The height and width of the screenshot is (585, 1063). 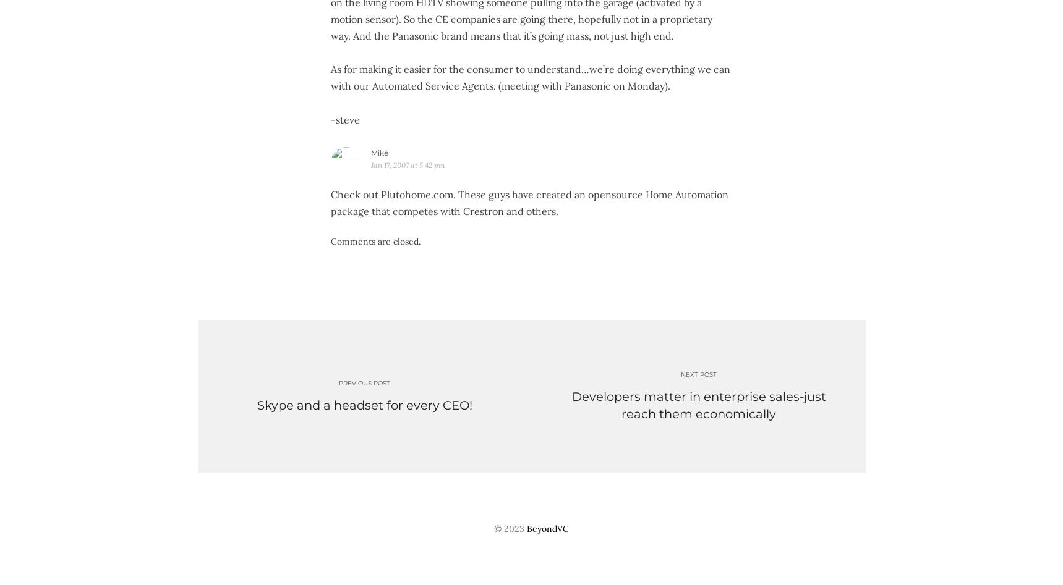 I want to click on 'Jan 17, 2007 at 5:42 pm', so click(x=407, y=164).